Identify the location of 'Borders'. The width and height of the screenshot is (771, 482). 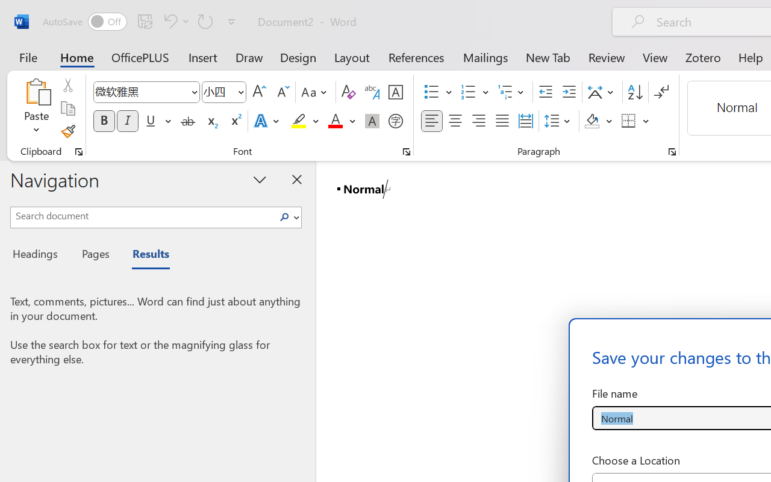
(628, 121).